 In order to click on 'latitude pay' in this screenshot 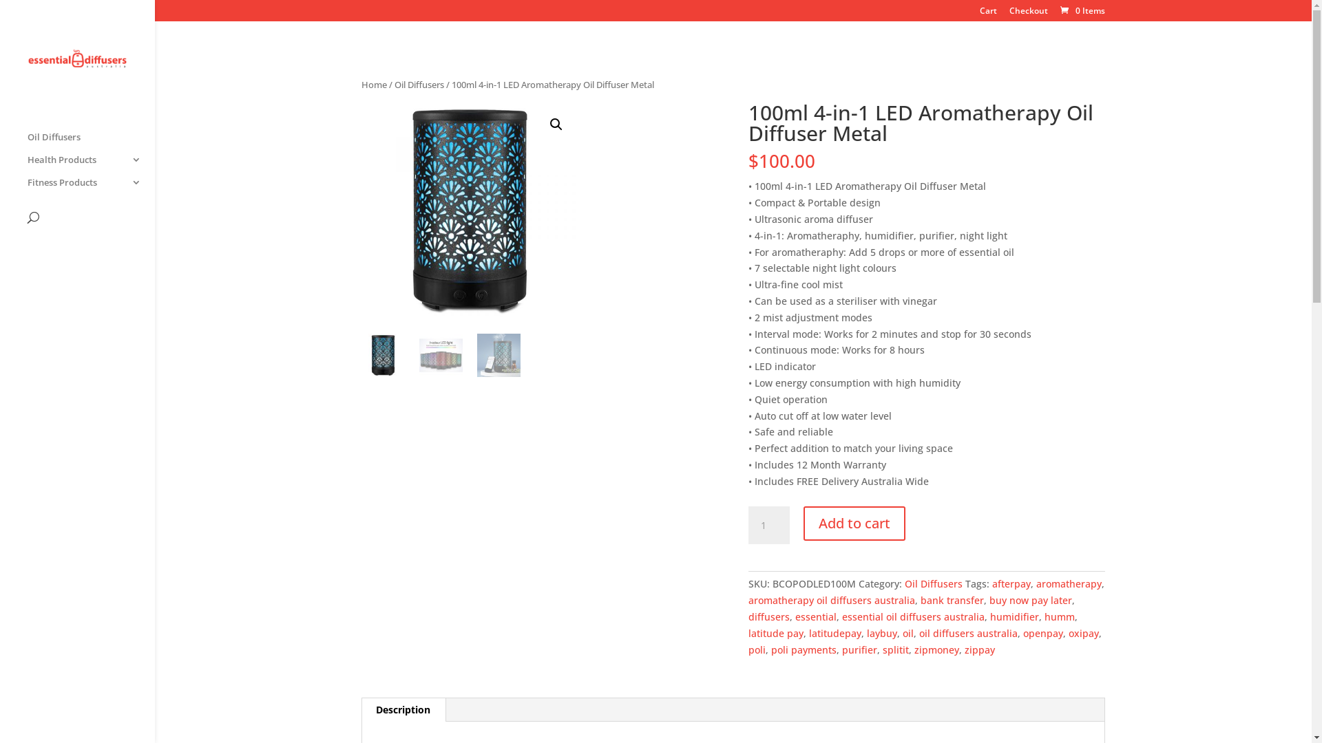, I will do `click(747, 633)`.